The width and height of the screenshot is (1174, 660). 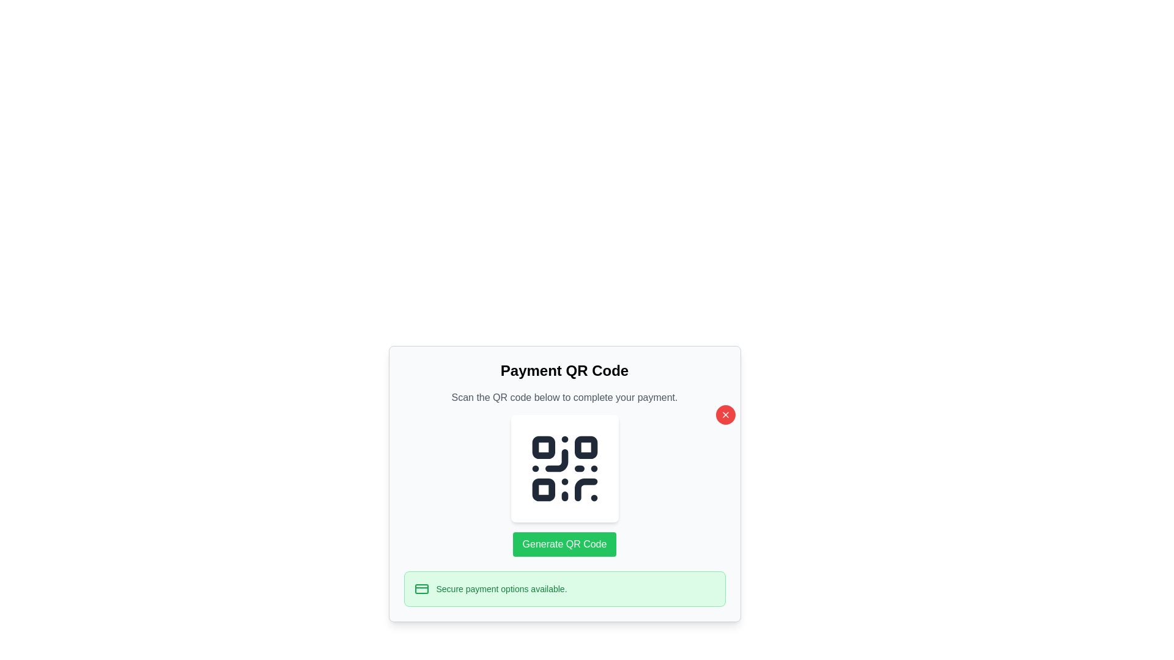 What do you see at coordinates (725, 414) in the screenshot?
I see `the close button, which is a circular red icon located at the top-right corner outside the payment interface` at bounding box center [725, 414].